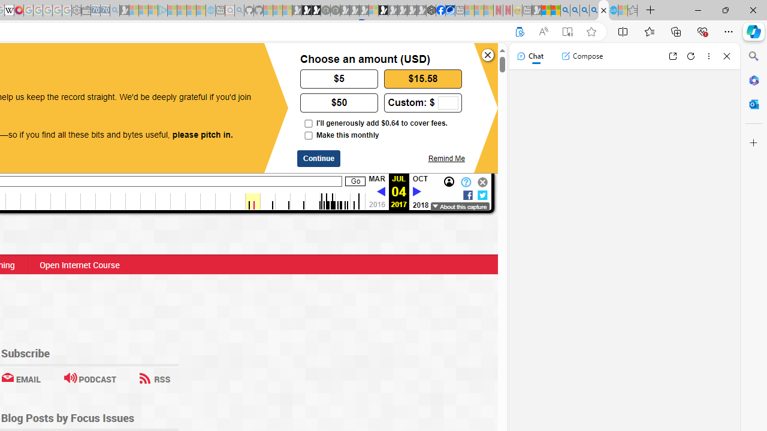 The image size is (767, 431). I want to click on 'Next capture', so click(416, 192).